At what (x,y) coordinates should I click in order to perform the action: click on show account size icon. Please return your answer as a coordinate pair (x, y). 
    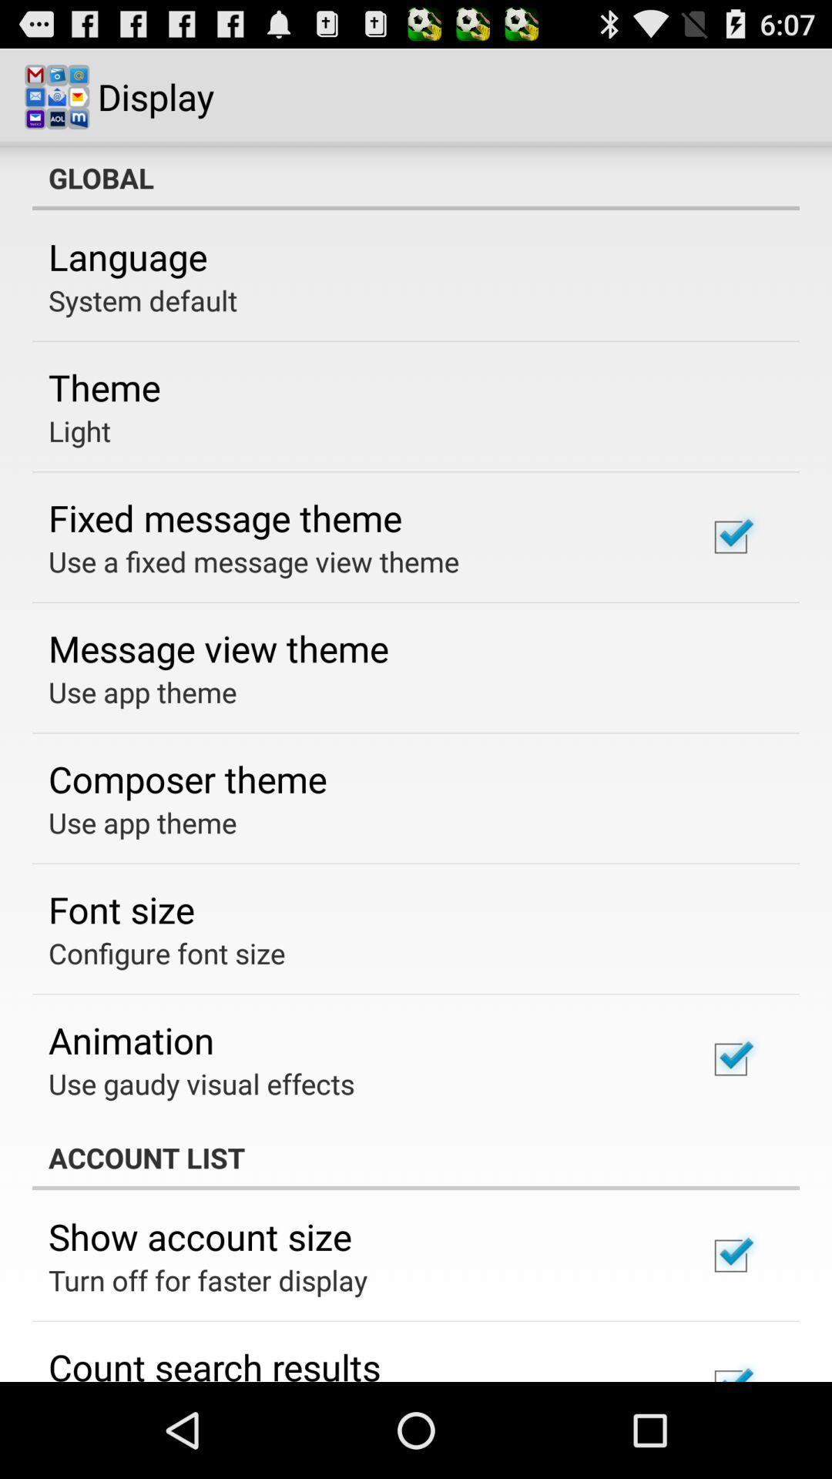
    Looking at the image, I should click on (199, 1236).